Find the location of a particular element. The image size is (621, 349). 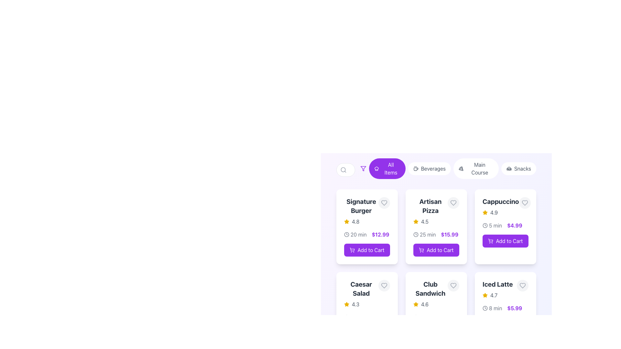

the 'Iced Latte' product card located in the lower-right corner of the grid layout to gather information and add it to the cart is located at coordinates (505, 309).